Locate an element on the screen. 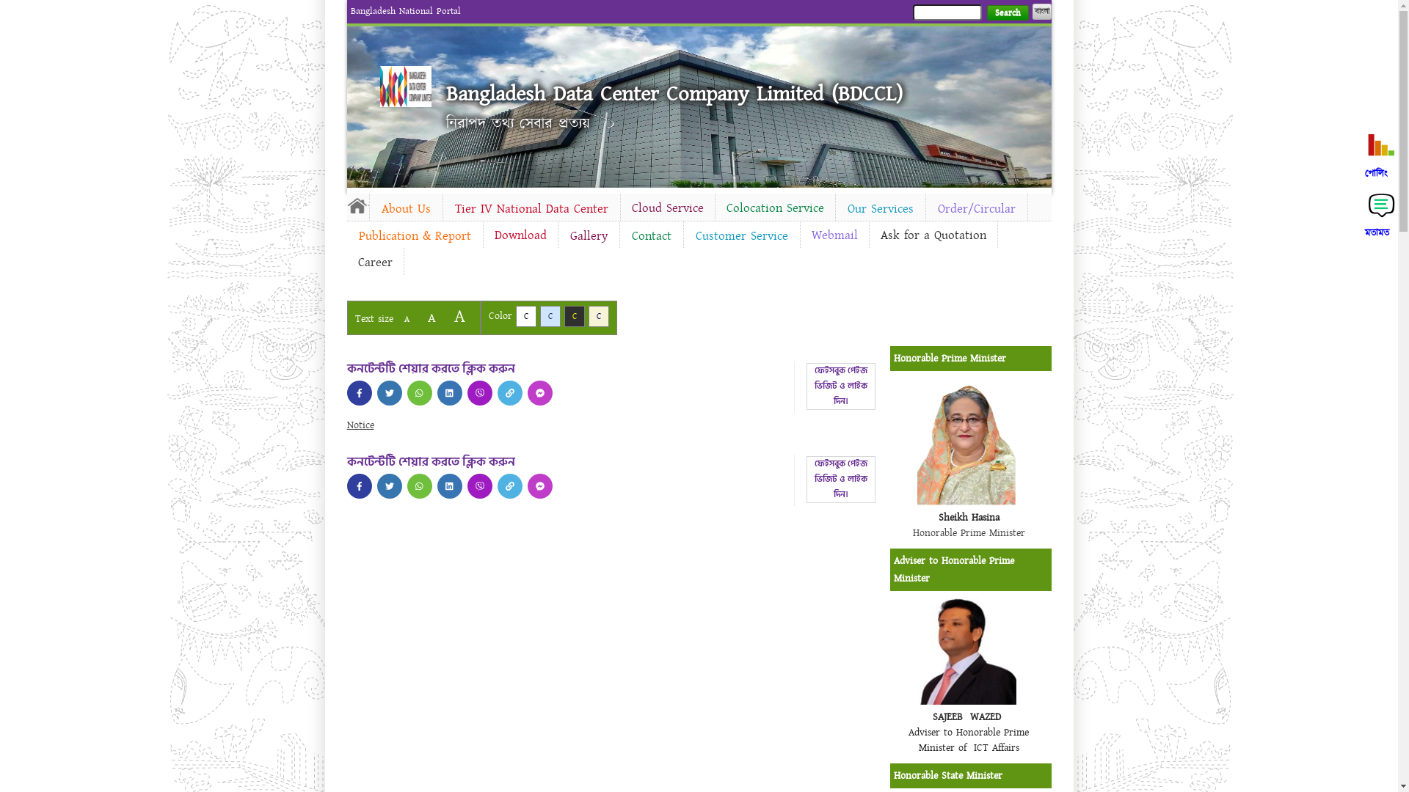 The height and width of the screenshot is (792, 1409). 'Contact' is located at coordinates (650, 235).